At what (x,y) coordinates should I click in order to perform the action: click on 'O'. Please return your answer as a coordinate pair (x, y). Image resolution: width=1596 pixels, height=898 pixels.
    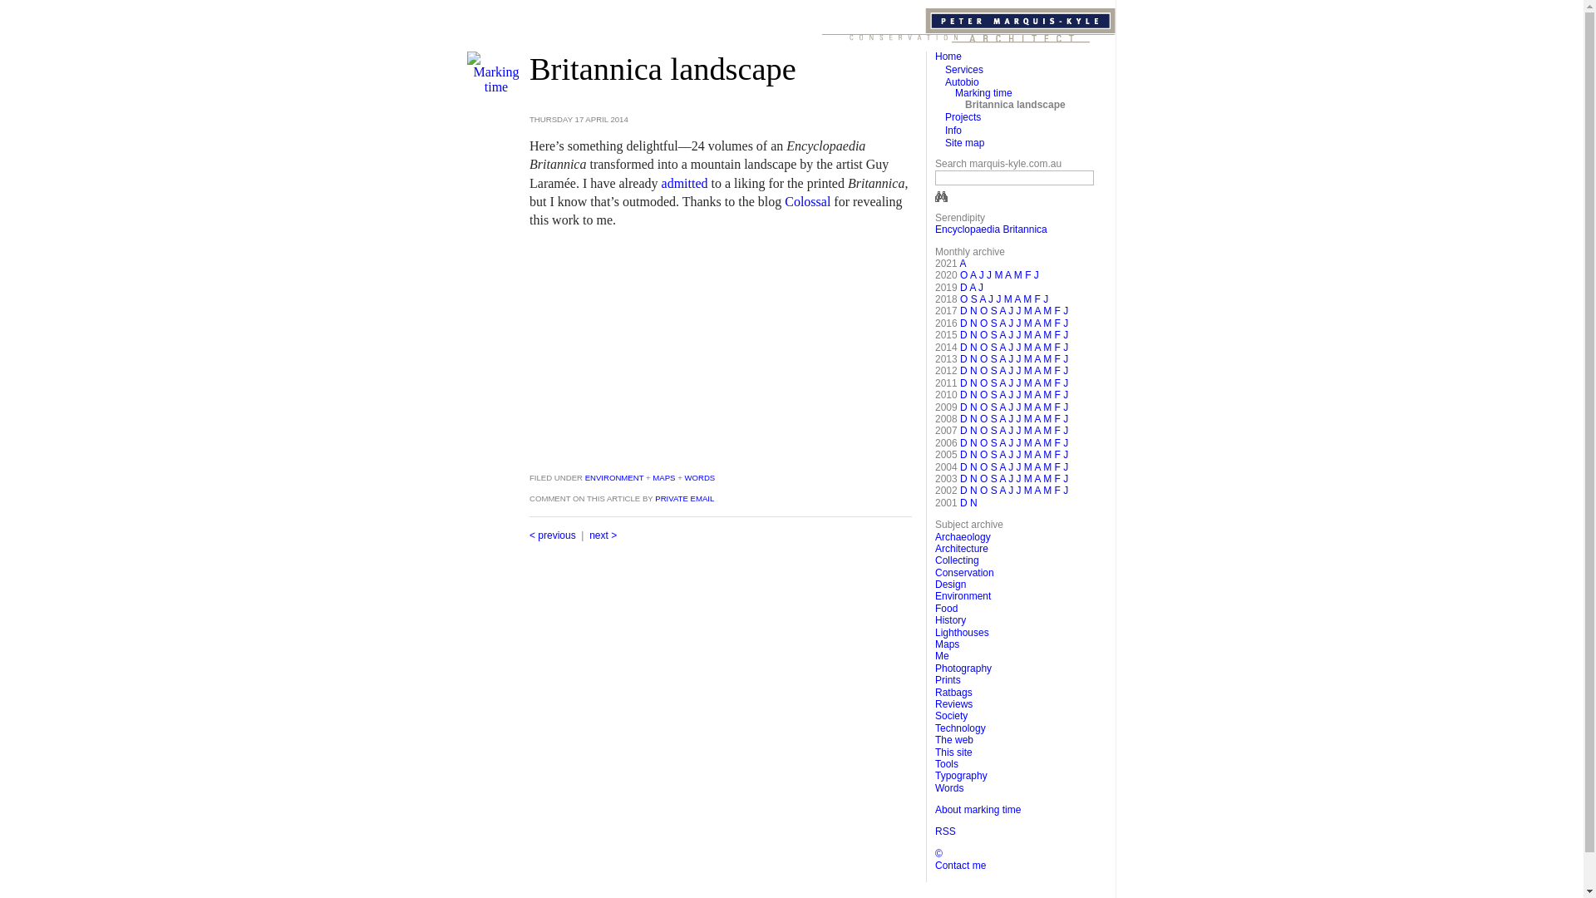
    Looking at the image, I should click on (960, 274).